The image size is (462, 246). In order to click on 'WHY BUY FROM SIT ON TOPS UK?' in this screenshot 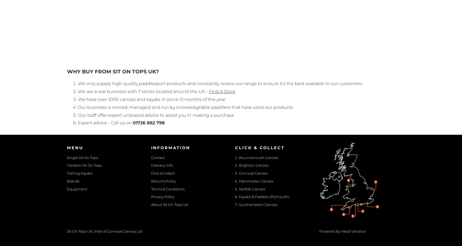, I will do `click(113, 71)`.